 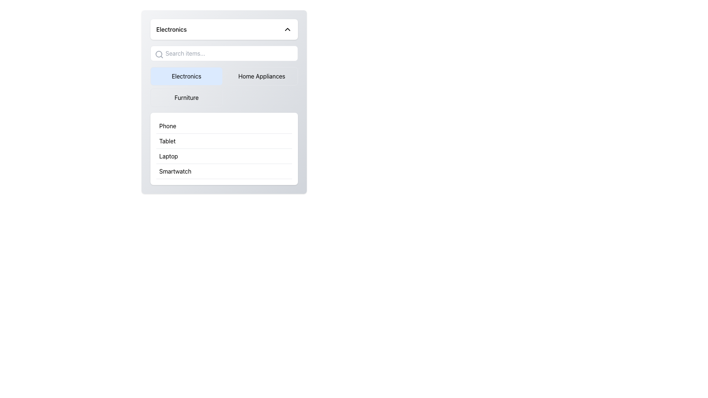 What do you see at coordinates (167, 126) in the screenshot?
I see `the first selectable item in the 'Electronics' dropdown list` at bounding box center [167, 126].